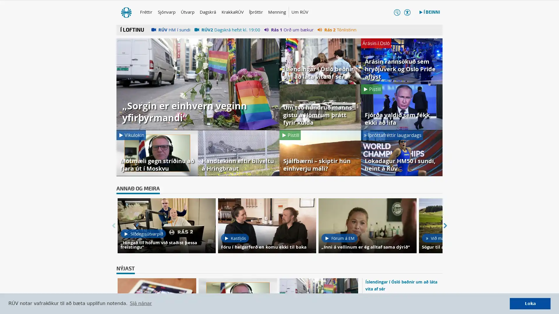 This screenshot has width=559, height=314. What do you see at coordinates (530, 303) in the screenshot?
I see `dismiss cookie message` at bounding box center [530, 303].